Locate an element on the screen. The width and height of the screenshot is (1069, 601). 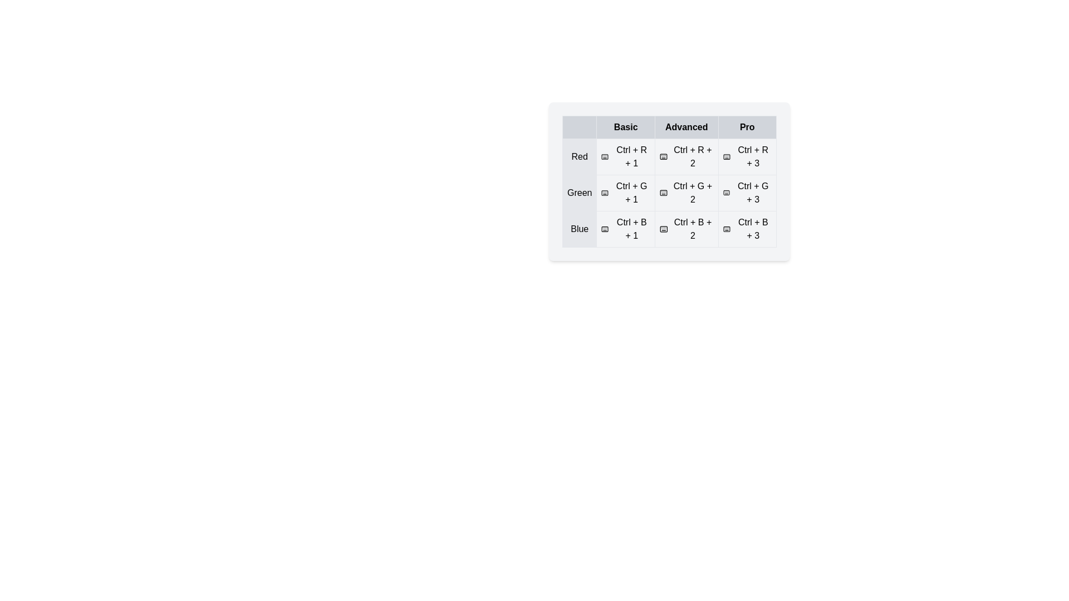
the command display box with a light gray background containing the keyboard icon and text 'Ctrl + R + 3', located in the third row and third column under the 'Red' category is located at coordinates (747, 156).